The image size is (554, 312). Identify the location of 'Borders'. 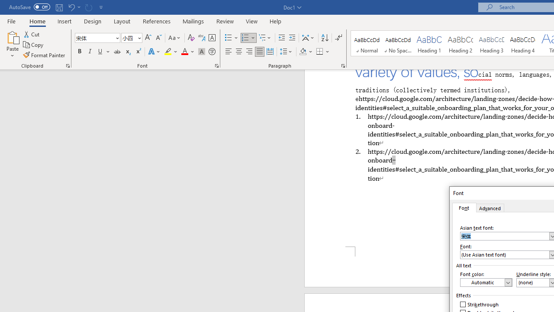
(322, 52).